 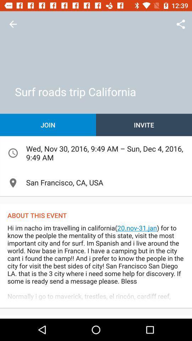 What do you see at coordinates (144, 125) in the screenshot?
I see `the icon to the right of the join item` at bounding box center [144, 125].